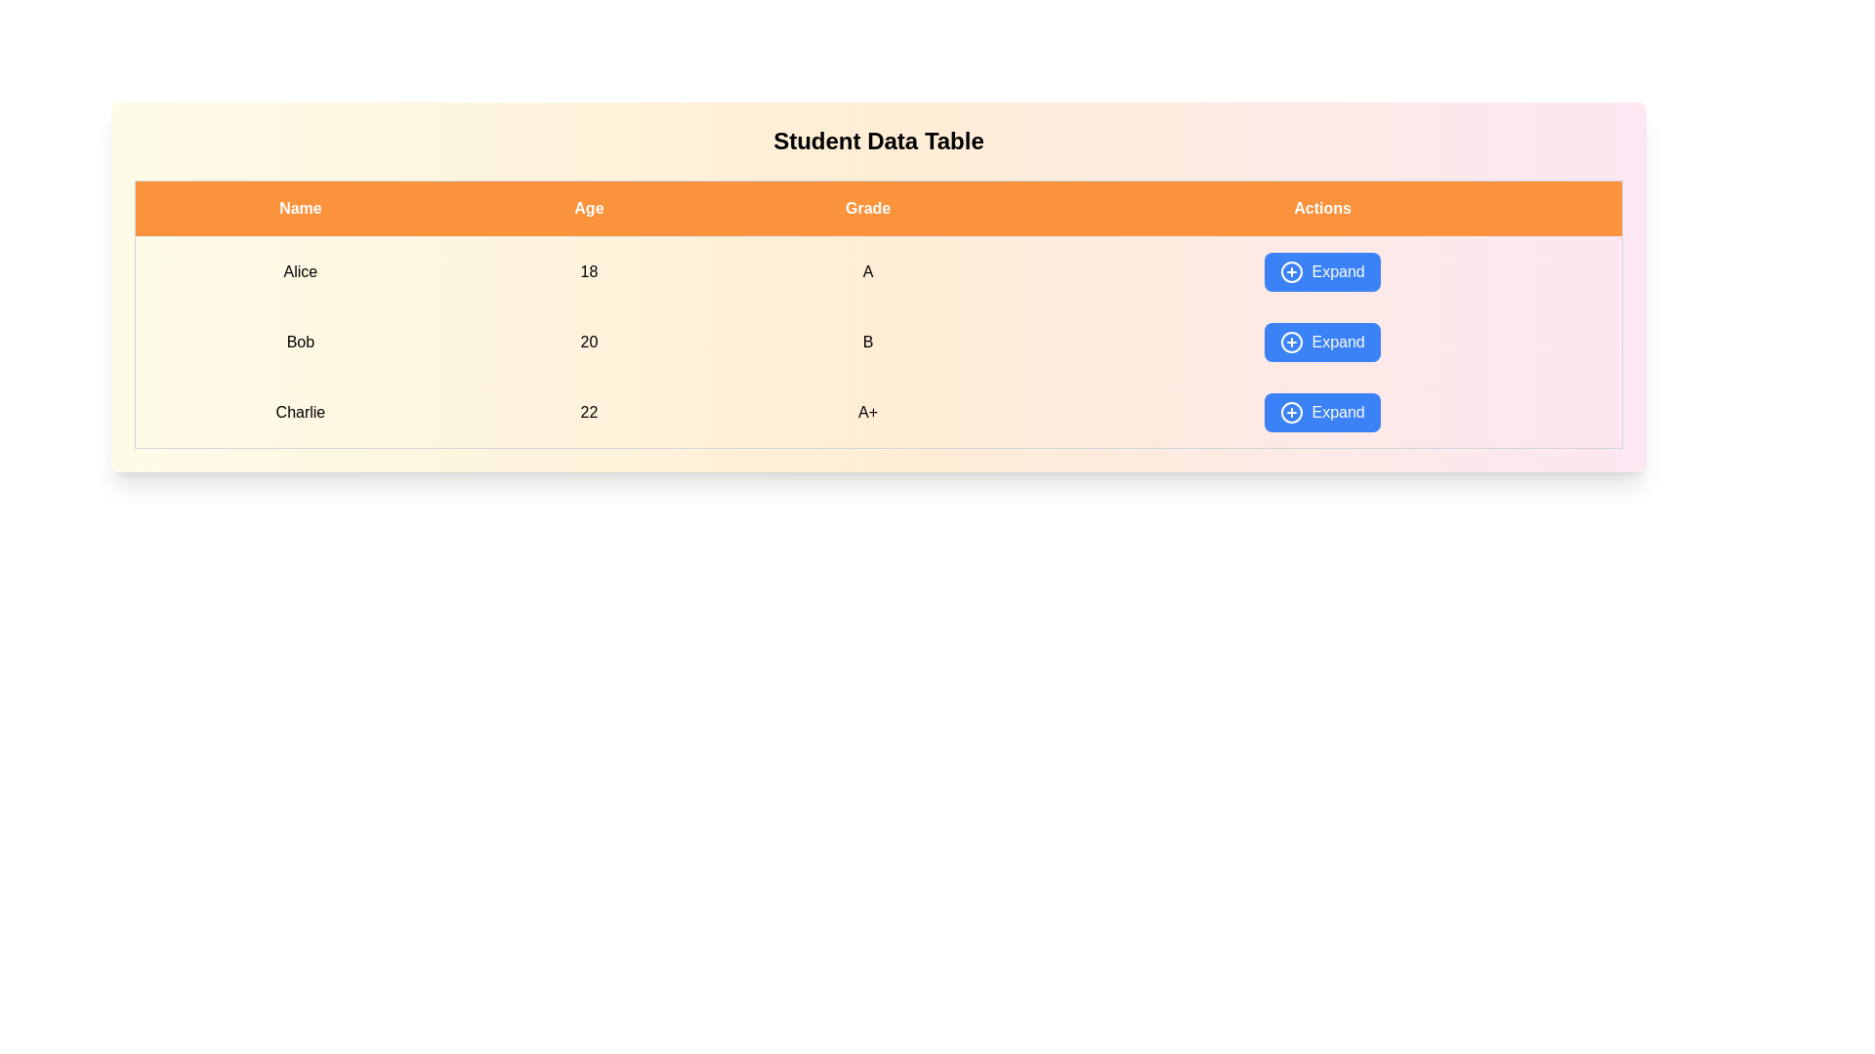  I want to click on the static text display indicating the age value for Alice in the data table, located between the Name and Grade columns, so click(588, 271).